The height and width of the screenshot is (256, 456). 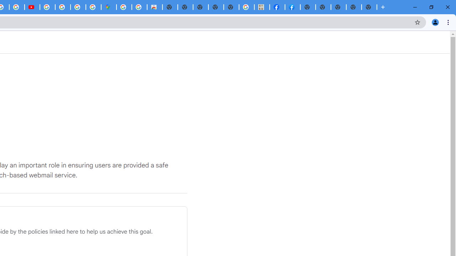 What do you see at coordinates (369, 7) in the screenshot?
I see `'New Tab'` at bounding box center [369, 7].